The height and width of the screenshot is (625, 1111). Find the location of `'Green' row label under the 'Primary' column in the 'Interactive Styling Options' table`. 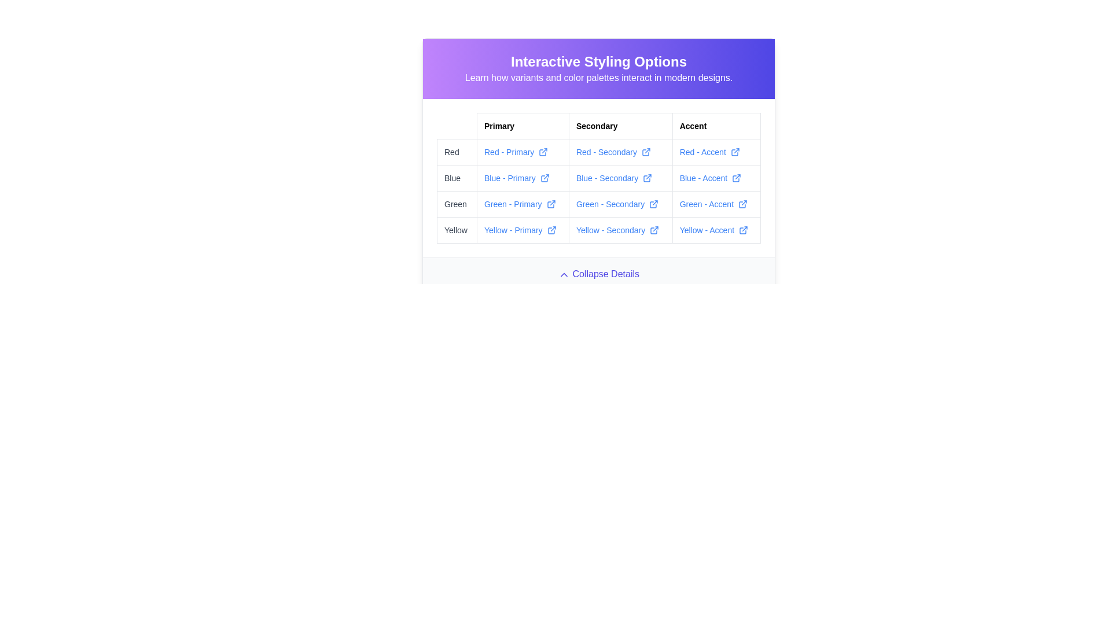

'Green' row label under the 'Primary' column in the 'Interactive Styling Options' table is located at coordinates (457, 204).